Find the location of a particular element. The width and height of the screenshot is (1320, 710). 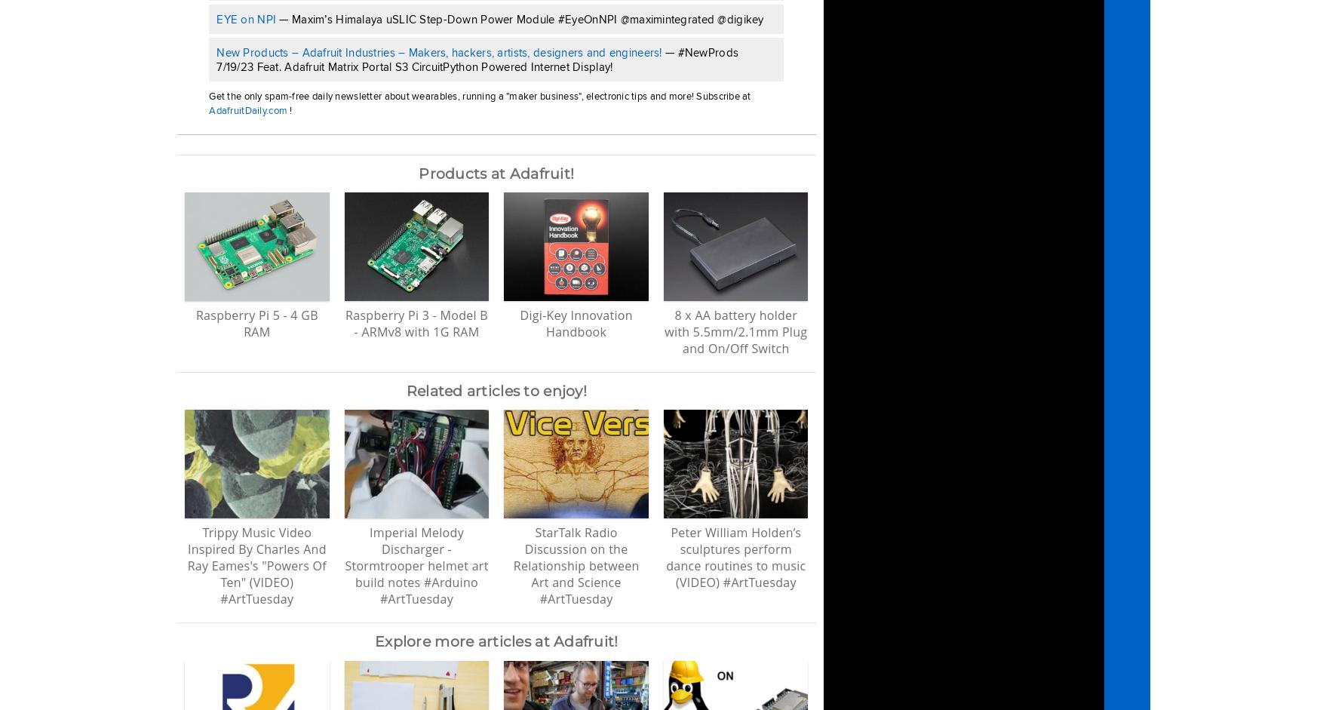

'AdafruitDaily.com' is located at coordinates (248, 109).